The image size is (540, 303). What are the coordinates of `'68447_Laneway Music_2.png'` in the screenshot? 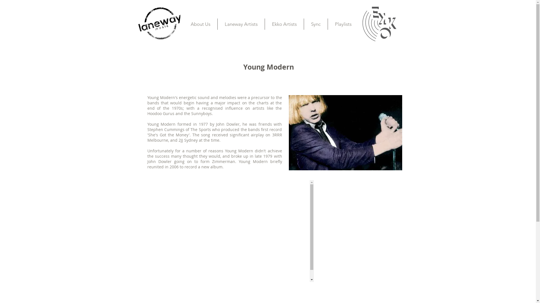 It's located at (159, 23).